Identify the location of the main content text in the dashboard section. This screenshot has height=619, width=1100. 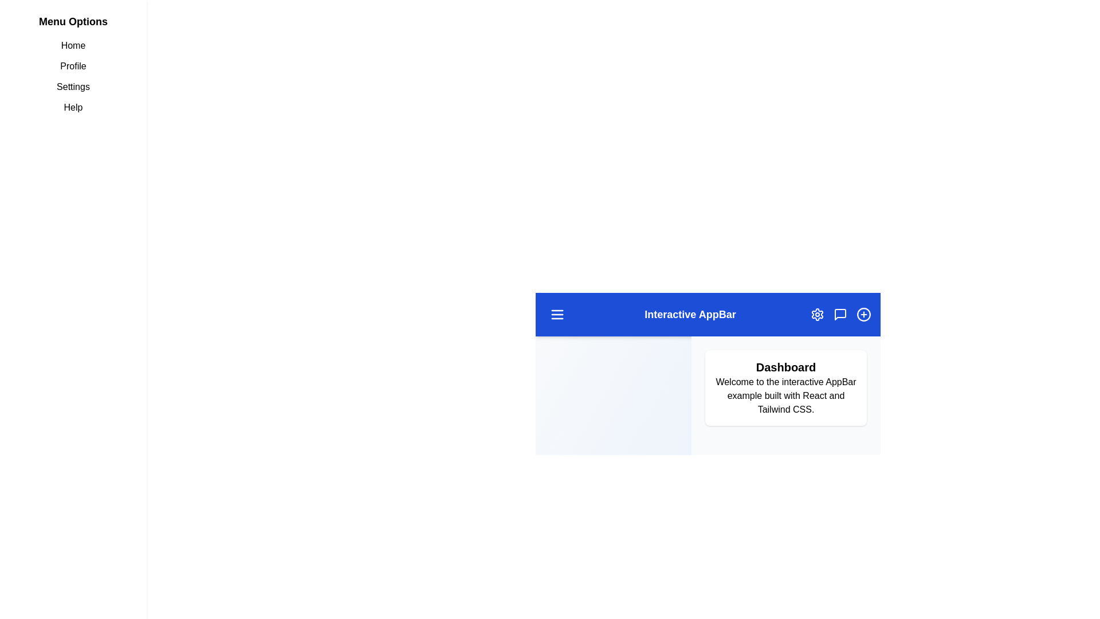
(785, 395).